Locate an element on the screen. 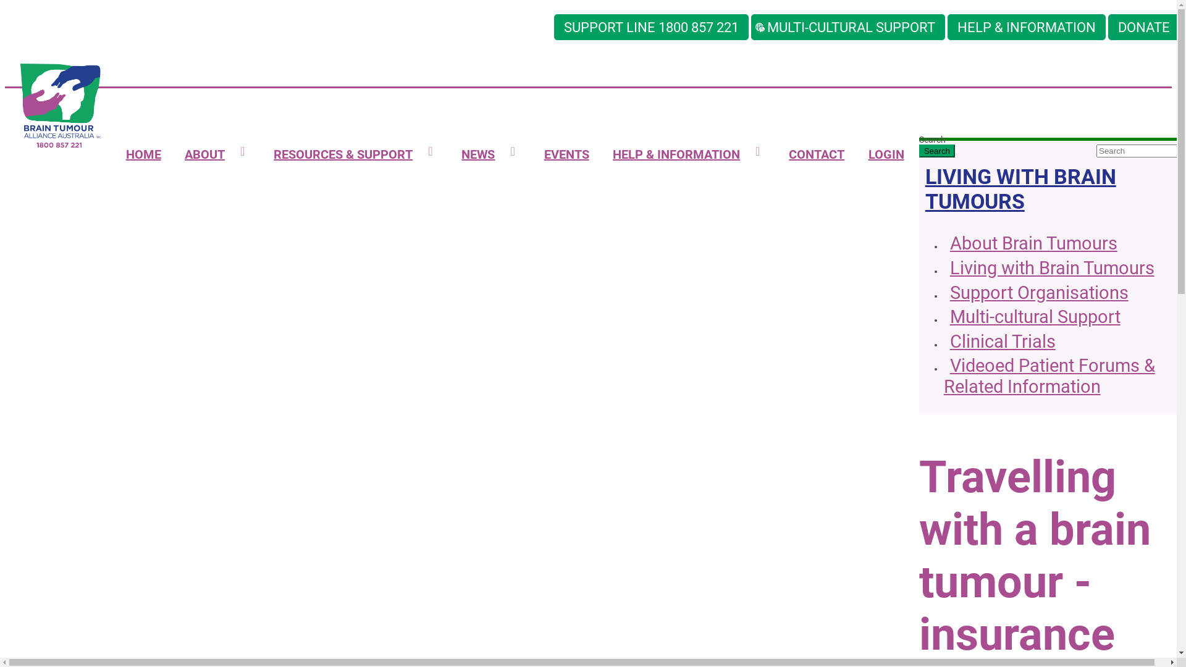 Image resolution: width=1186 pixels, height=667 pixels. 'MULTI-CULTURAL SUPPORT' is located at coordinates (847, 27).